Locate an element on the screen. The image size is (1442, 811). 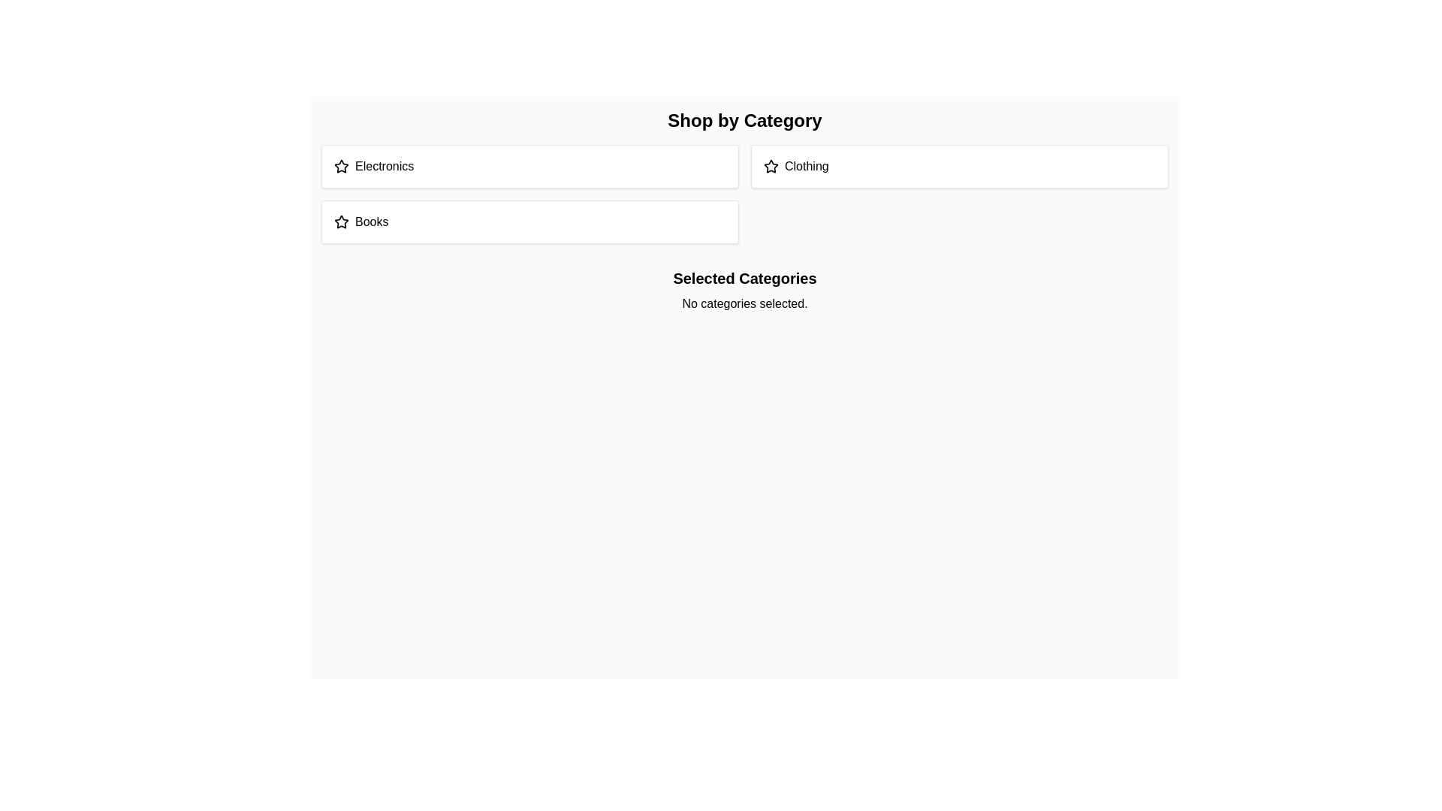
the text heading 'Shop by Category', which is a bold, large-sized label located at the top of the interface and centered horizontally is located at coordinates (745, 120).